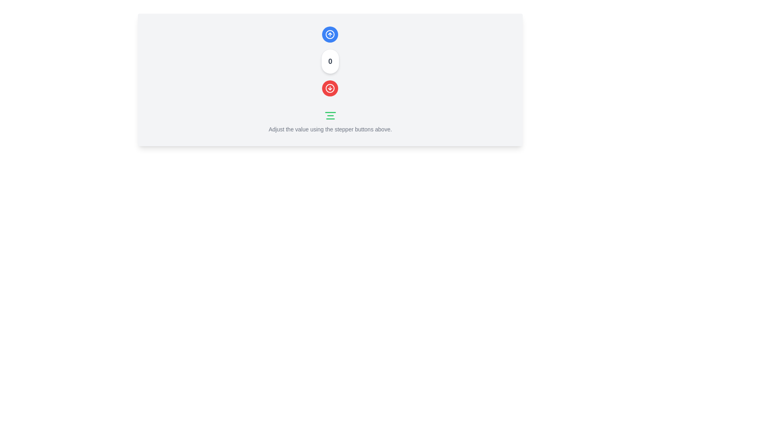 The height and width of the screenshot is (434, 772). What do you see at coordinates (330, 34) in the screenshot?
I see `the circular blue button with a white outline and an upward-pointing arrow to increase the value` at bounding box center [330, 34].